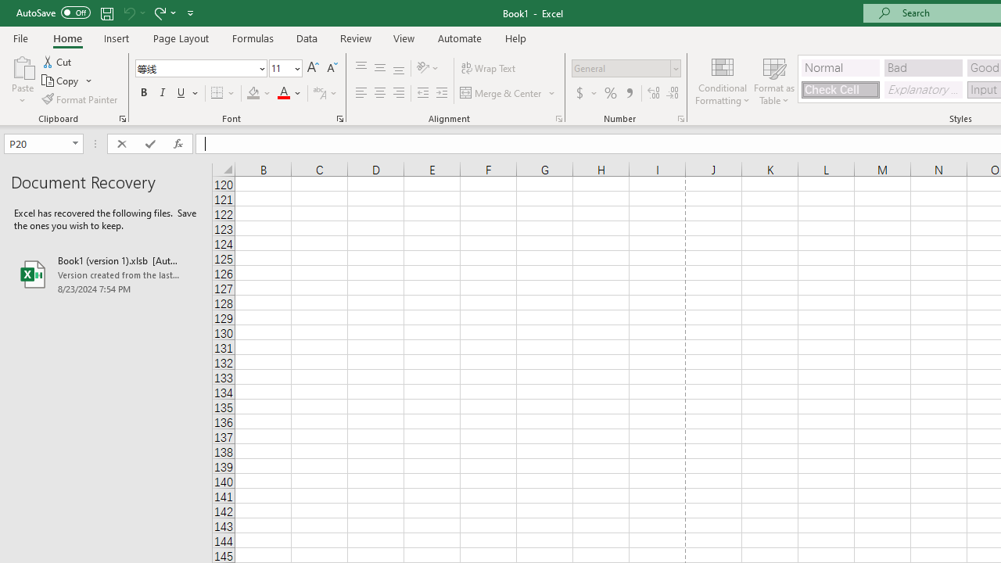 This screenshot has width=1001, height=563. Describe the element at coordinates (422, 93) in the screenshot. I see `'Decrease Indent'` at that location.